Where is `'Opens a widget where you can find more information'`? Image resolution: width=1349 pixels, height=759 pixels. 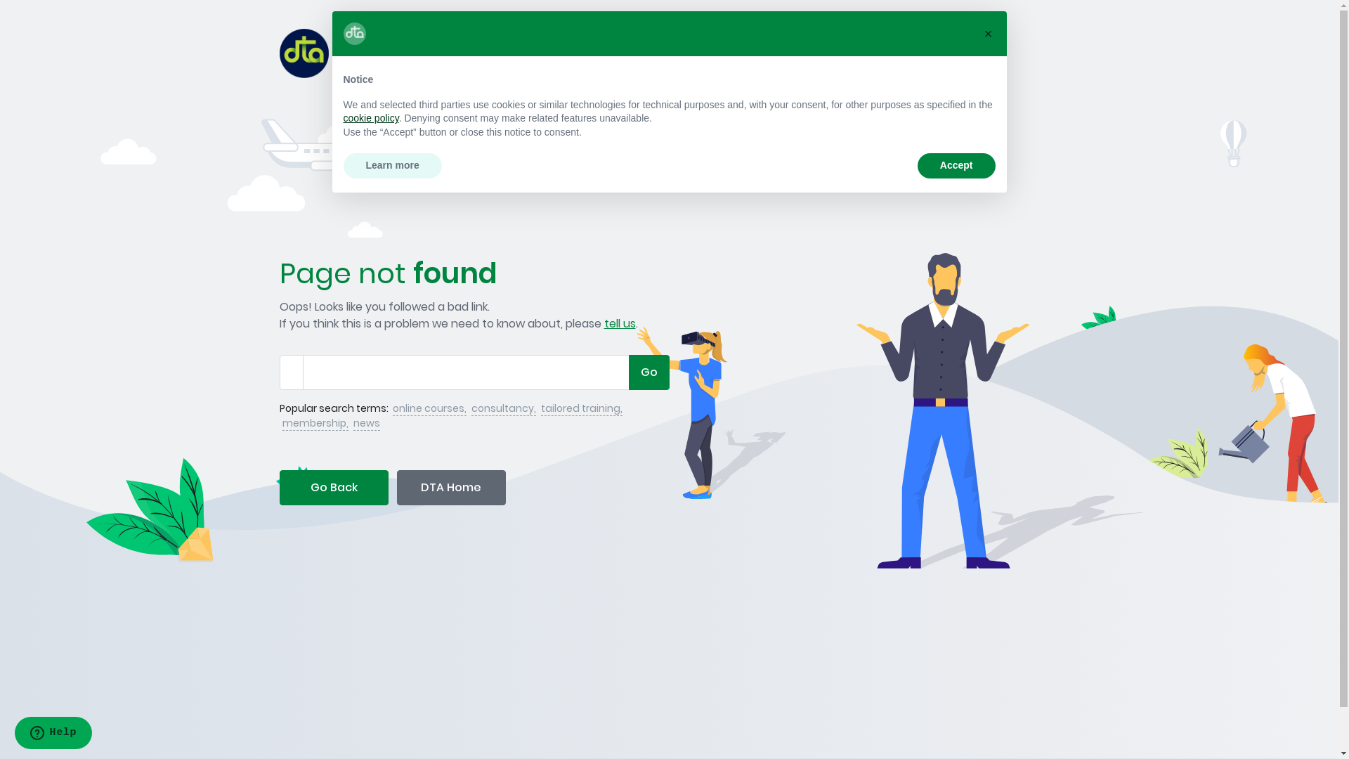 'Opens a widget where you can find more information' is located at coordinates (53, 734).